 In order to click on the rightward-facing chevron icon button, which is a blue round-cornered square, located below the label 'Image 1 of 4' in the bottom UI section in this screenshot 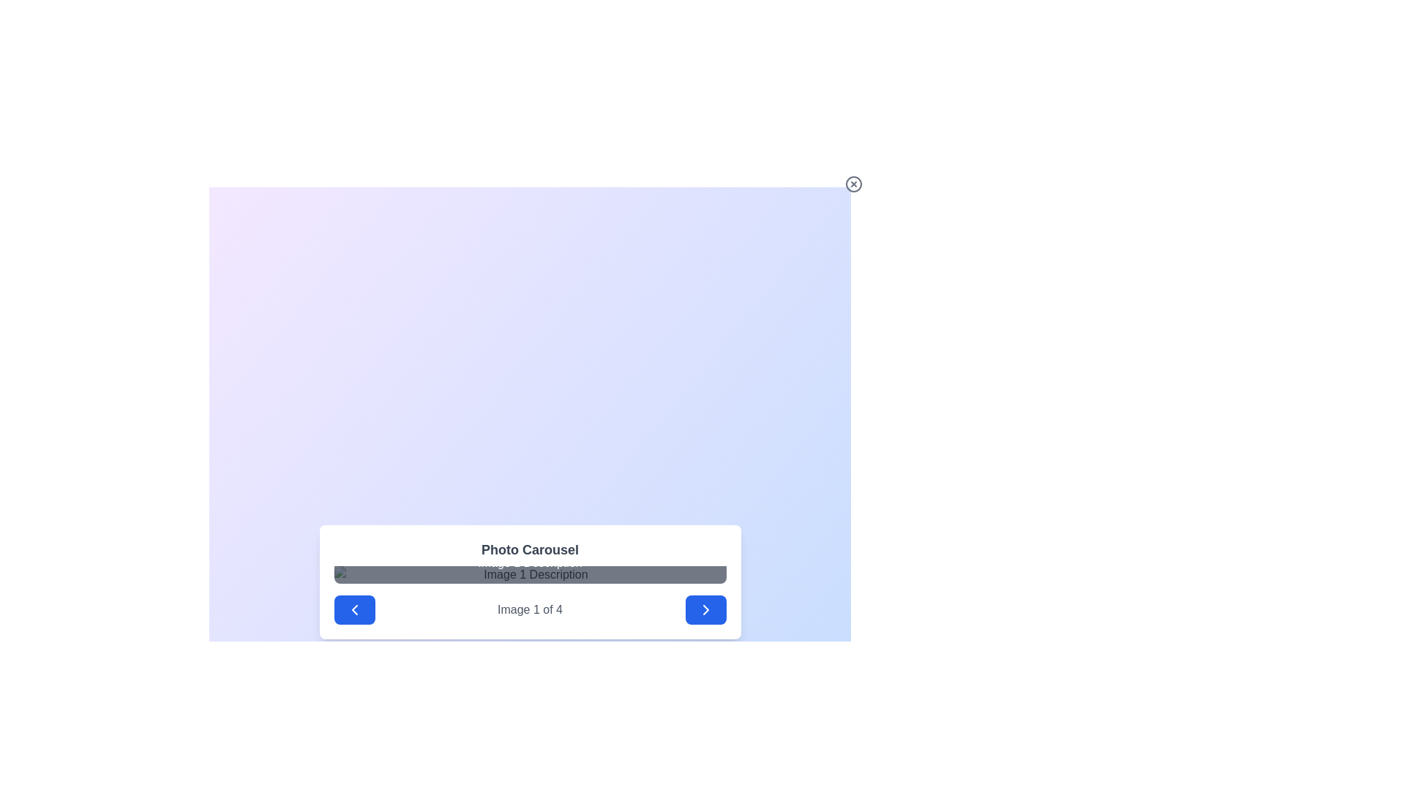, I will do `click(705, 609)`.